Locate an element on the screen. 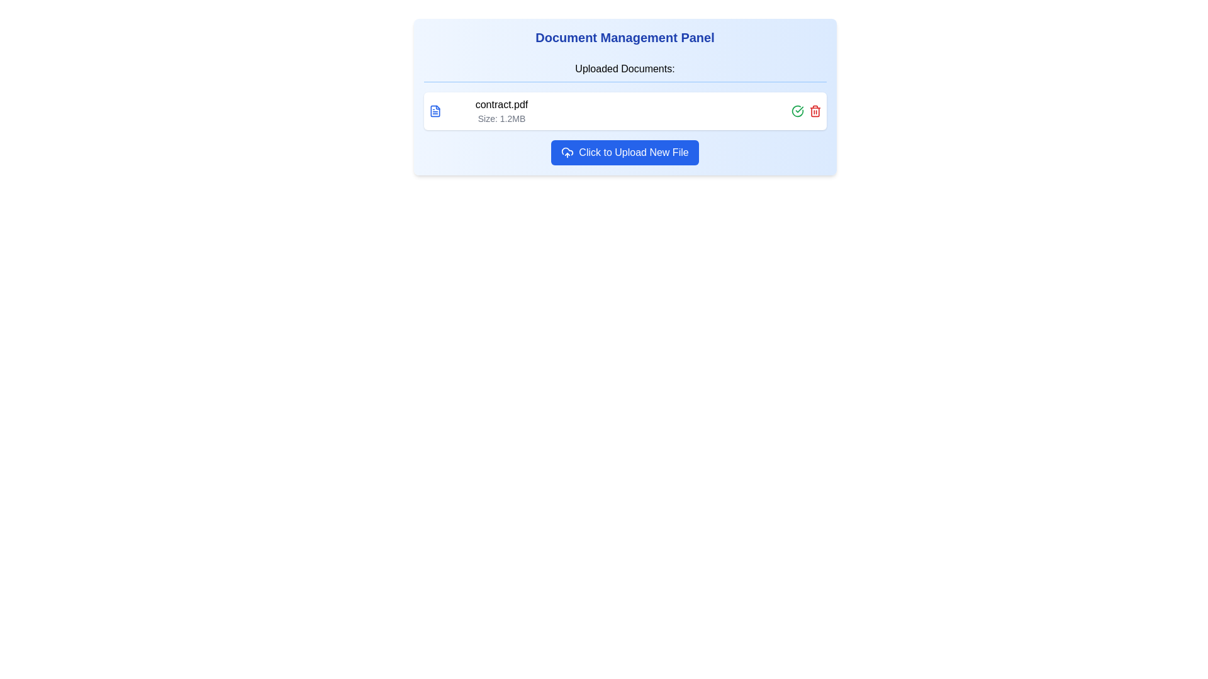 Image resolution: width=1208 pixels, height=679 pixels. the text label displaying the filename 'contract.pdf' in the 'Uploaded Documents' panel is located at coordinates (501, 104).